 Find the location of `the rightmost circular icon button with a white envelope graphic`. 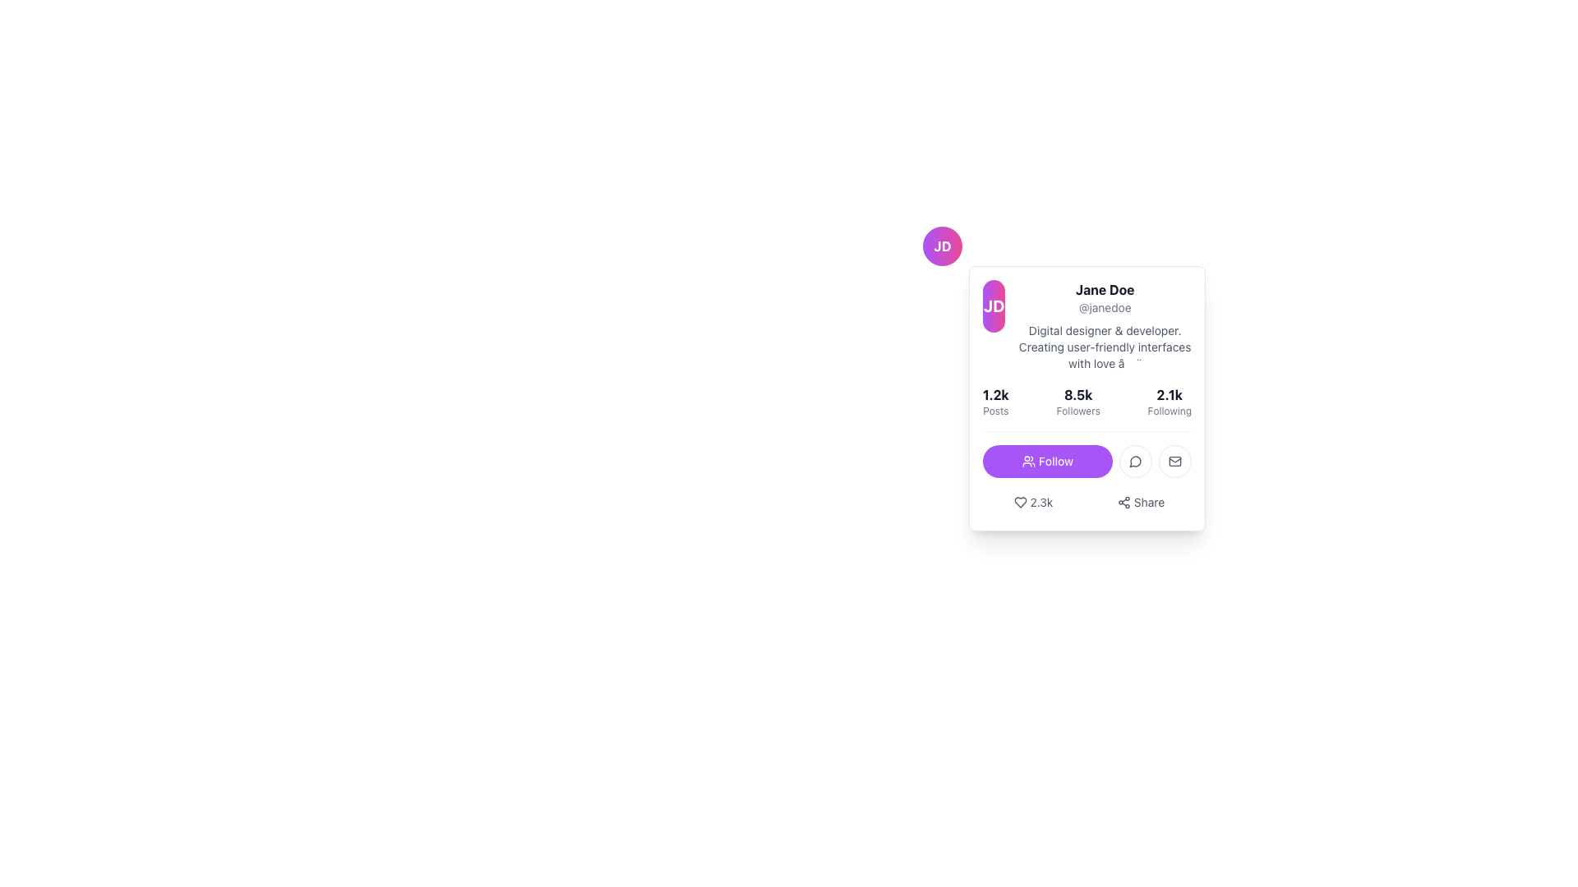

the rightmost circular icon button with a white envelope graphic is located at coordinates (1174, 462).